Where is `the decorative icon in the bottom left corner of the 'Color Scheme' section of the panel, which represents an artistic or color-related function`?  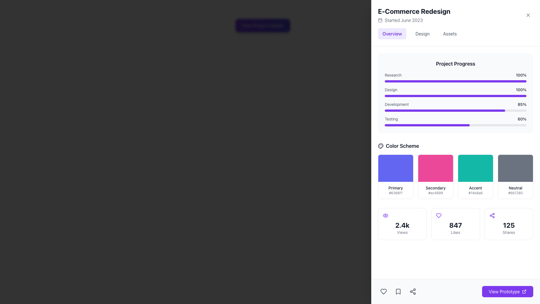 the decorative icon in the bottom left corner of the 'Color Scheme' section of the panel, which represents an artistic or color-related function is located at coordinates (381, 146).